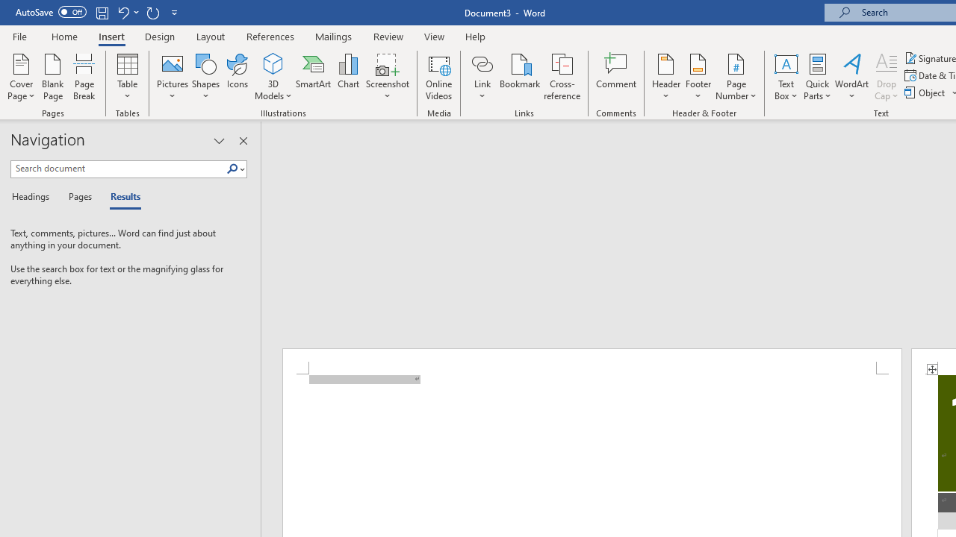 Image resolution: width=956 pixels, height=537 pixels. I want to click on 'WordArt', so click(852, 77).